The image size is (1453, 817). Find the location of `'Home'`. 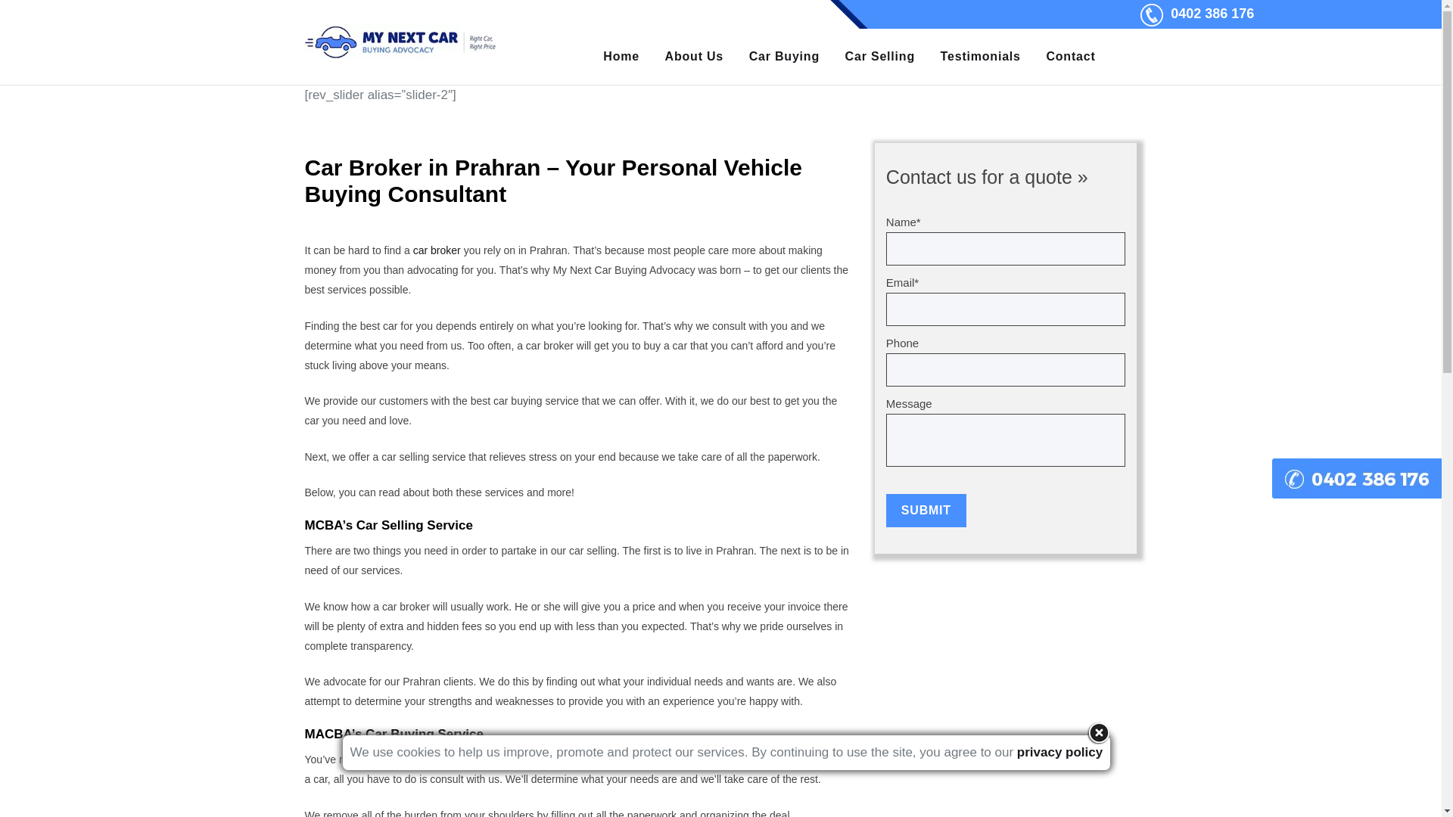

'Home' is located at coordinates (621, 55).